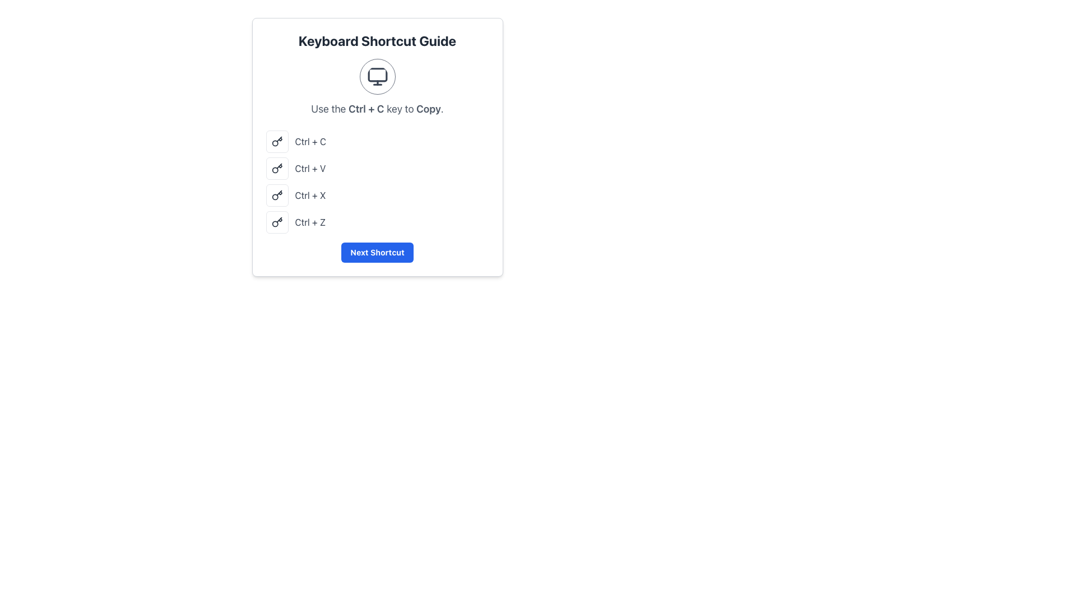 The height and width of the screenshot is (605, 1076). Describe the element at coordinates (377, 222) in the screenshot. I see `the Descriptive List Item displaying the keyboard shortcut 'Ctrl + Z', which represents the 'undo' action, located in the fourth row of keyboard shortcuts` at that location.